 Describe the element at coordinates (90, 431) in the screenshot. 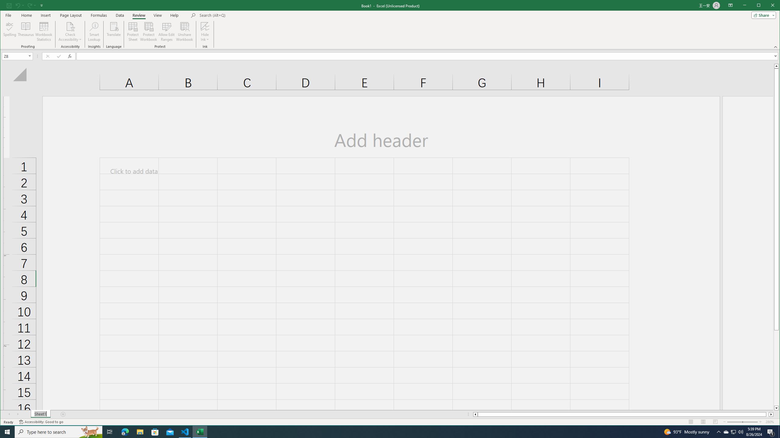

I see `'Search highlights icon opens search home window'` at that location.